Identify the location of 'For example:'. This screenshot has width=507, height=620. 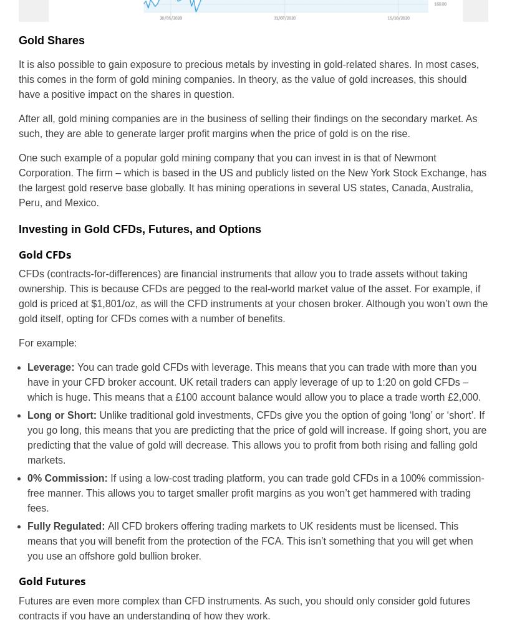
(47, 343).